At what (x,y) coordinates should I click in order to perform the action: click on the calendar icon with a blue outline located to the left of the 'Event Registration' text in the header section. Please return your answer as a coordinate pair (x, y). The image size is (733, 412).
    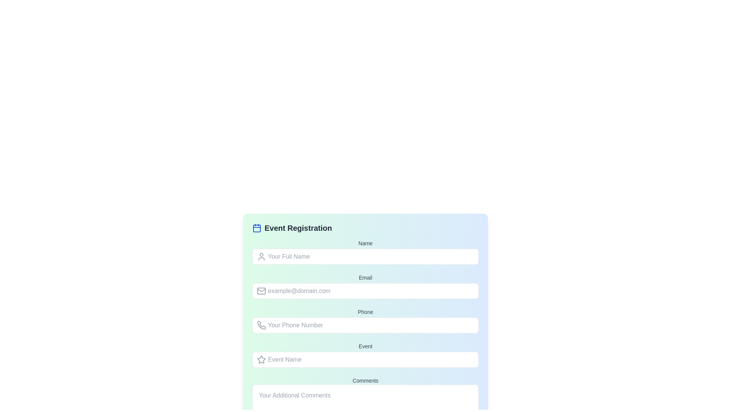
    Looking at the image, I should click on (257, 227).